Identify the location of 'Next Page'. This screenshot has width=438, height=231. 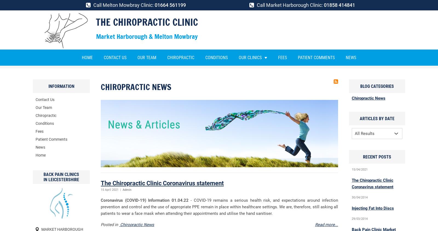
(425, 63).